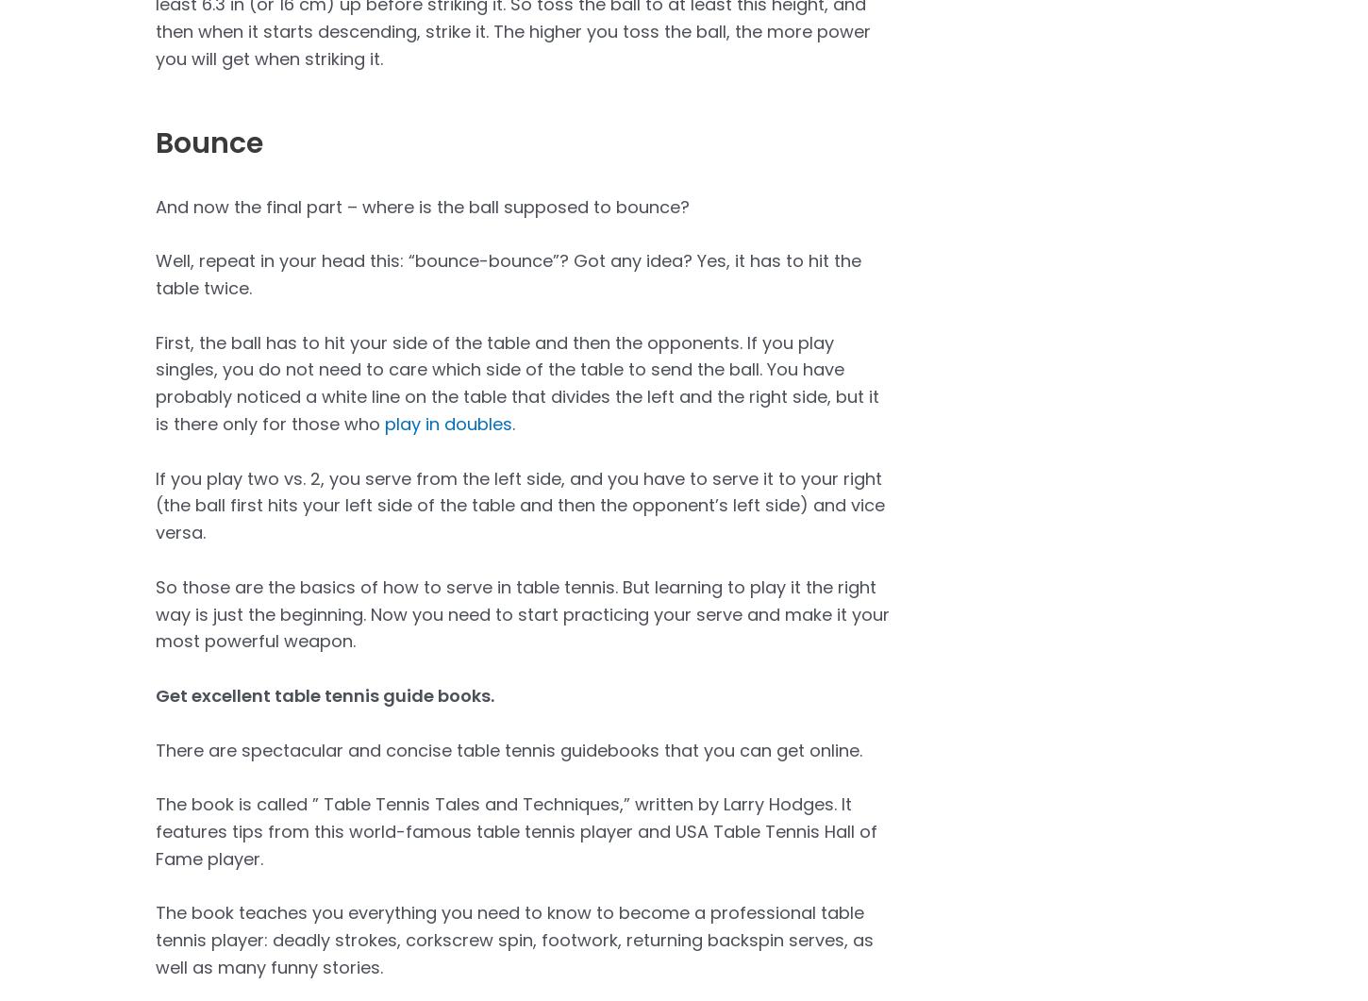 This screenshot has height=1001, width=1368. Describe the element at coordinates (508, 274) in the screenshot. I see `'Well, repeat in your head this: “bounce-bounce”? Got any idea? Yes, it has to hit the table twice.'` at that location.